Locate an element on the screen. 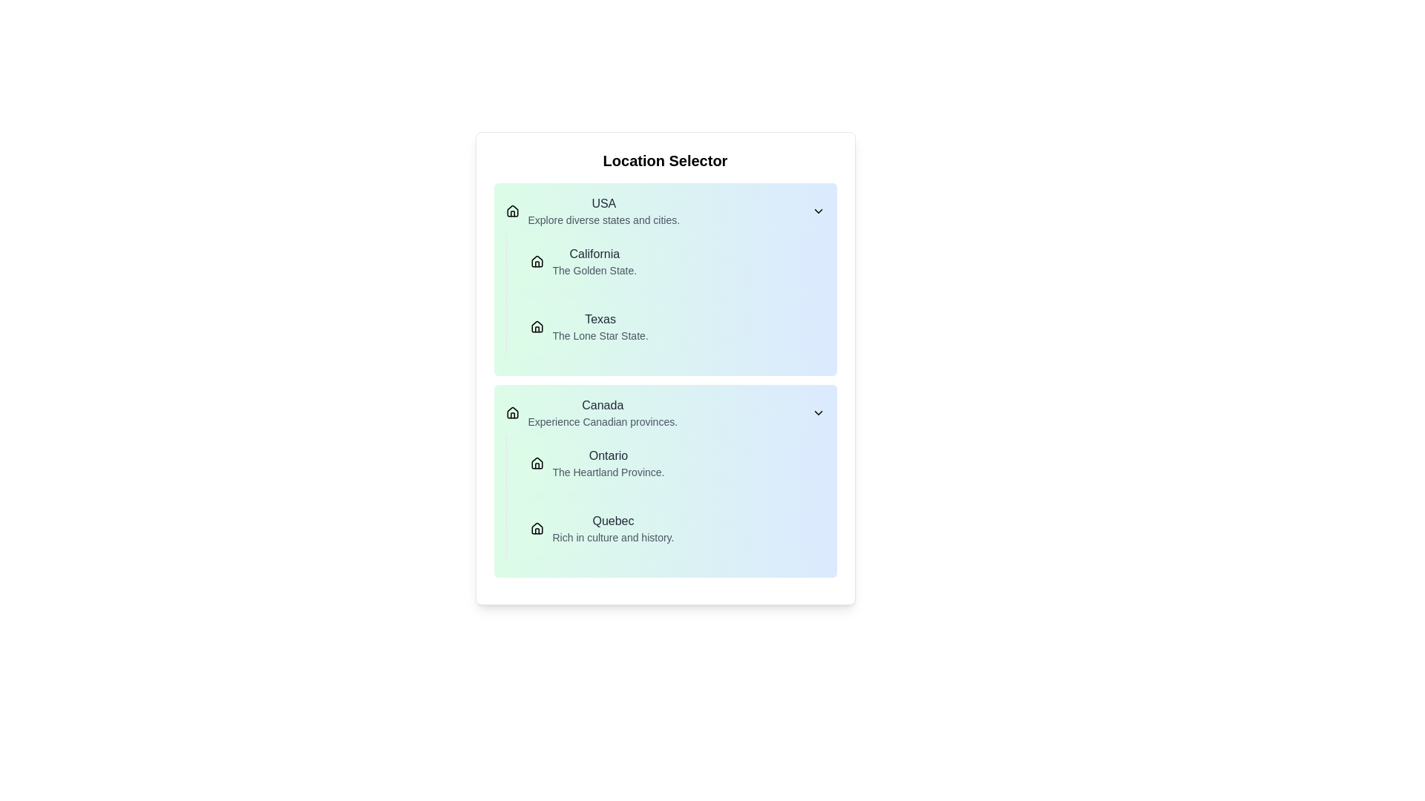 The height and width of the screenshot is (801, 1425). the text label displaying 'Quebec' which is located above the descriptive text 'Rich in culture and history.' in the 'Canada' section is located at coordinates (613, 520).